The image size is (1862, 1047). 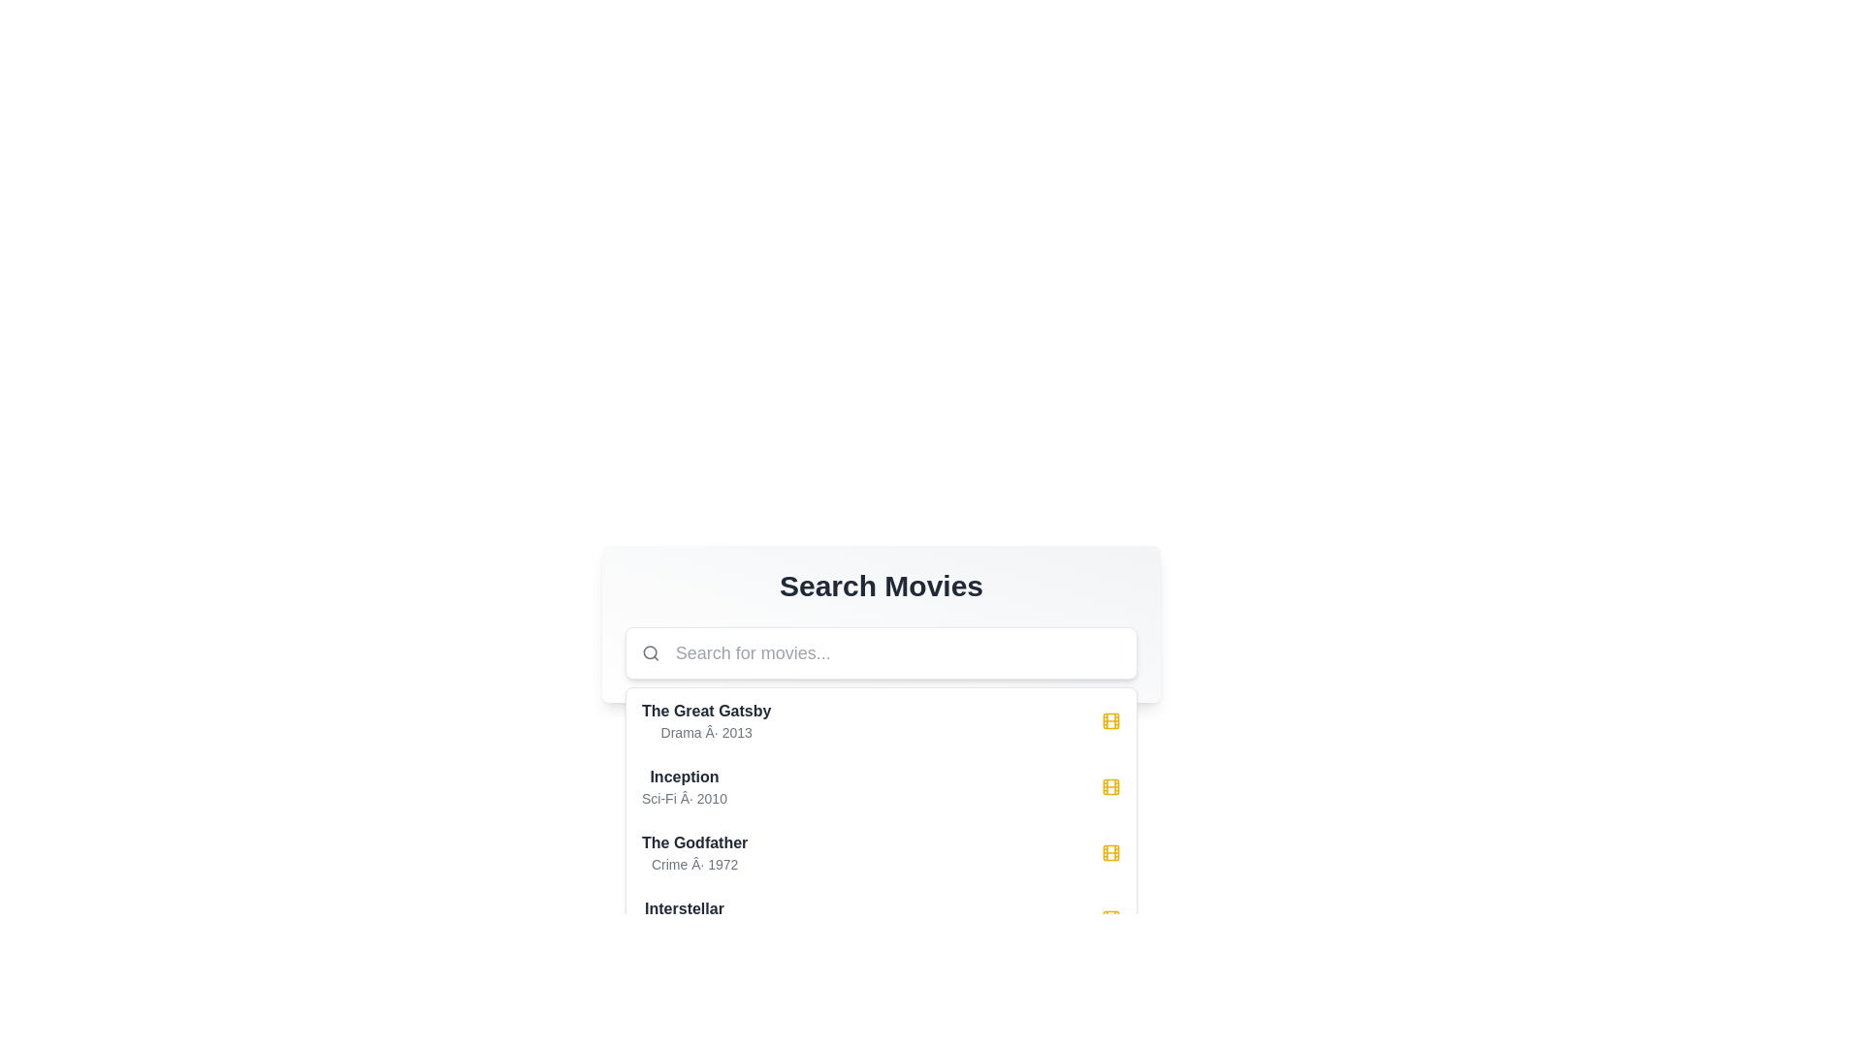 I want to click on the informational text display for the movie 'The Great Gatsby' located immediately below the title, so click(x=705, y=733).